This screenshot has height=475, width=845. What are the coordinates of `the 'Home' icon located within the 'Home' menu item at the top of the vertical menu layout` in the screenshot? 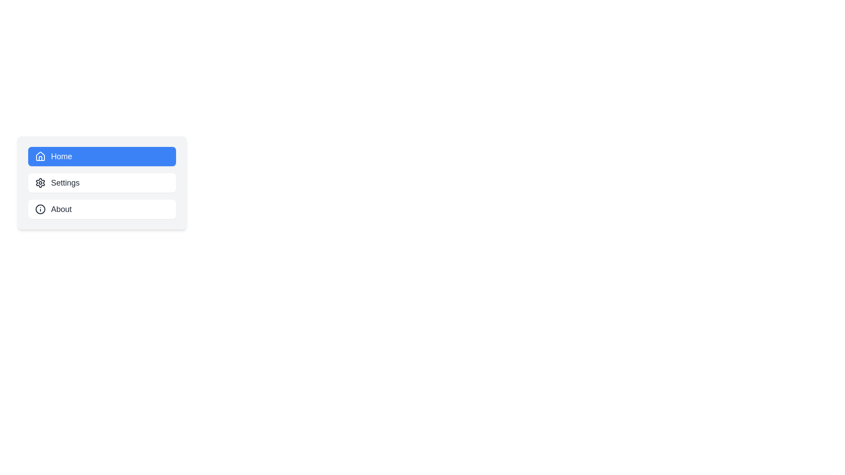 It's located at (40, 155).